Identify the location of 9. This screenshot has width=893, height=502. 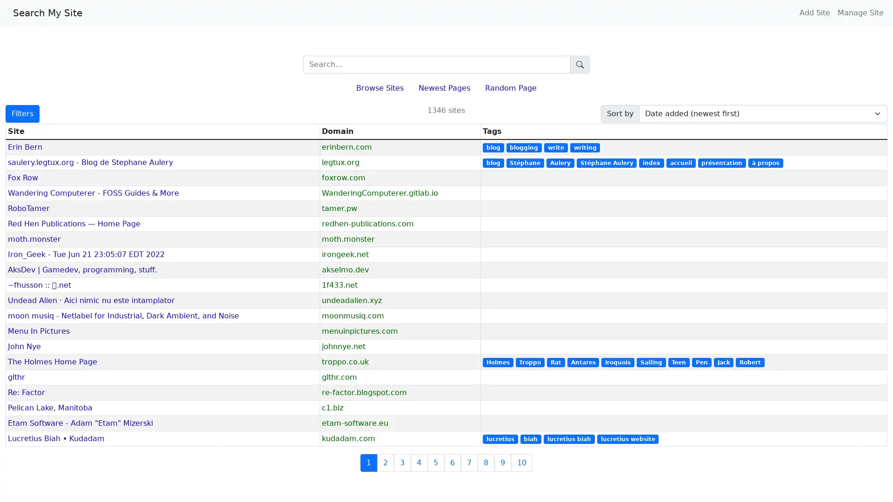
(502, 462).